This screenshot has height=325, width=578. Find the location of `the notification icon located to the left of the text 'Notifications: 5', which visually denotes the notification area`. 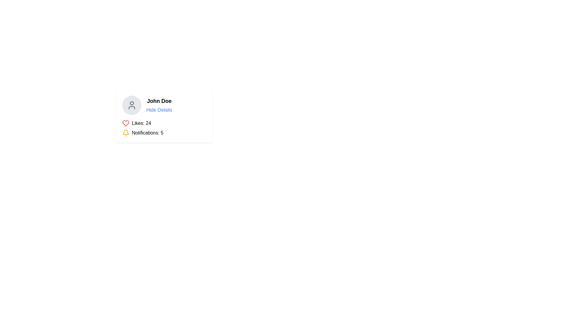

the notification icon located to the left of the text 'Notifications: 5', which visually denotes the notification area is located at coordinates (125, 133).